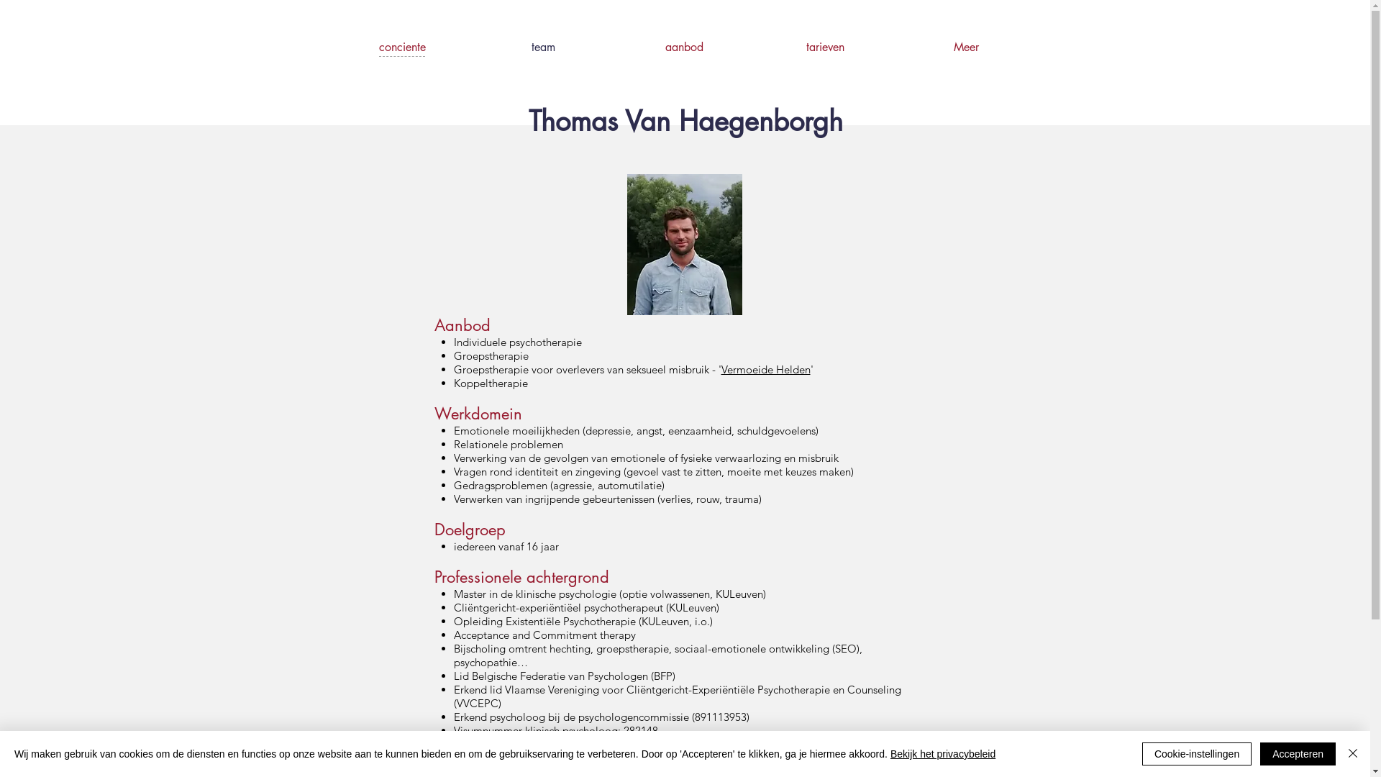 The image size is (1381, 777). Describe the element at coordinates (331, 46) in the screenshot. I see `'conciente'` at that location.